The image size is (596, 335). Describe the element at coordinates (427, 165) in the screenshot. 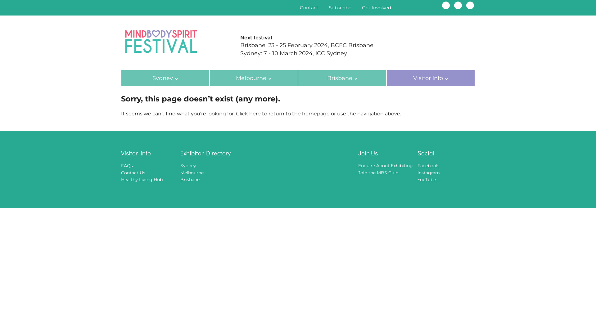

I see `'Facebook'` at that location.